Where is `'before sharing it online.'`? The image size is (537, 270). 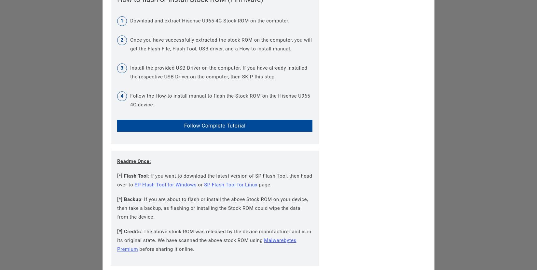 'before sharing it online.' is located at coordinates (166, 249).